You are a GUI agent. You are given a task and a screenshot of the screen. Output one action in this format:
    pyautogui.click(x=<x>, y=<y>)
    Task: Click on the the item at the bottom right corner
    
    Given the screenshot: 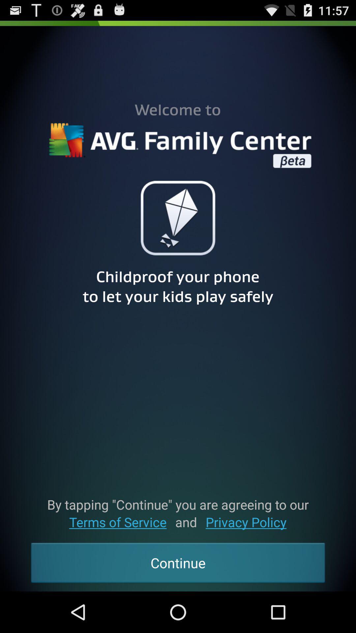 What is the action you would take?
    pyautogui.click(x=246, y=522)
    